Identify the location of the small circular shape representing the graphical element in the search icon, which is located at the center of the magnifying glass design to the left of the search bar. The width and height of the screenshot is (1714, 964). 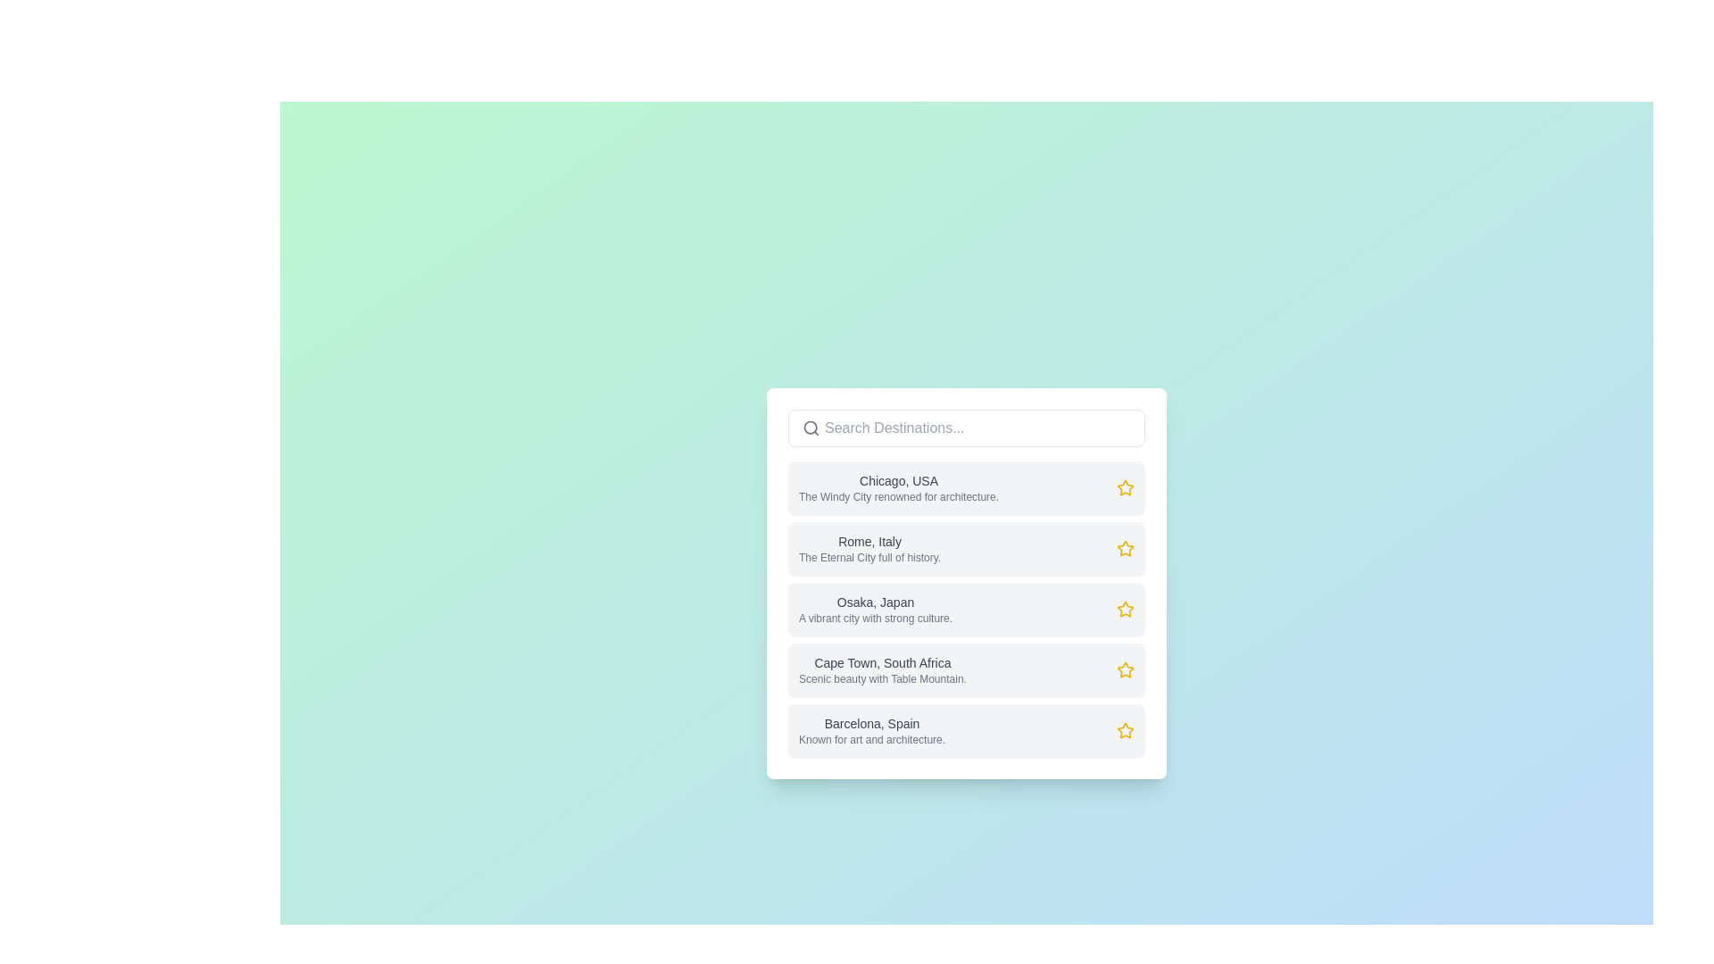
(810, 428).